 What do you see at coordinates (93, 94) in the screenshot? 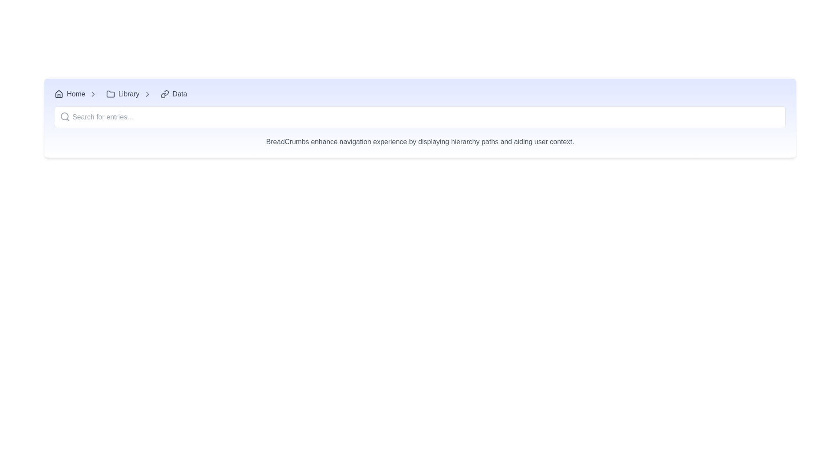
I see `the visual delimiter icon in the breadcrumb navigation that separates 'Home' and 'Library'` at bounding box center [93, 94].